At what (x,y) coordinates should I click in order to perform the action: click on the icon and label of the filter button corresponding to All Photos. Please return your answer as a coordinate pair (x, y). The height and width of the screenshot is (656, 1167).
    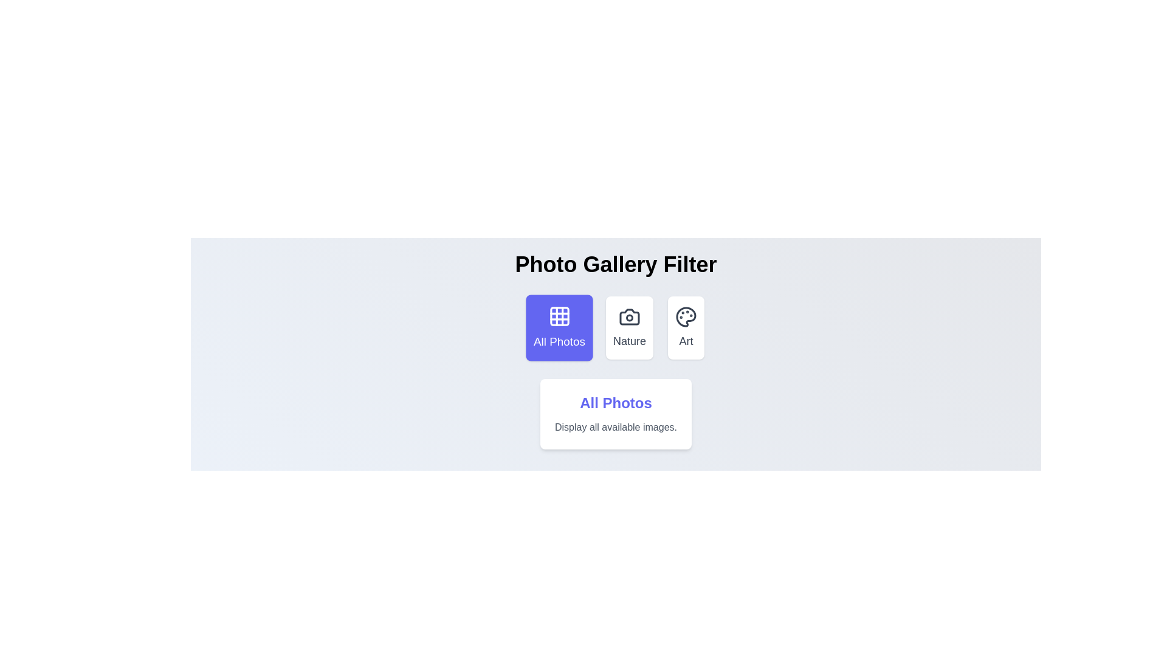
    Looking at the image, I should click on (559, 328).